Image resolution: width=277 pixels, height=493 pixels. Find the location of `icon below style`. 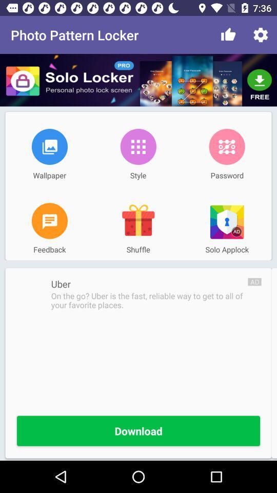

icon below style is located at coordinates (138, 221).